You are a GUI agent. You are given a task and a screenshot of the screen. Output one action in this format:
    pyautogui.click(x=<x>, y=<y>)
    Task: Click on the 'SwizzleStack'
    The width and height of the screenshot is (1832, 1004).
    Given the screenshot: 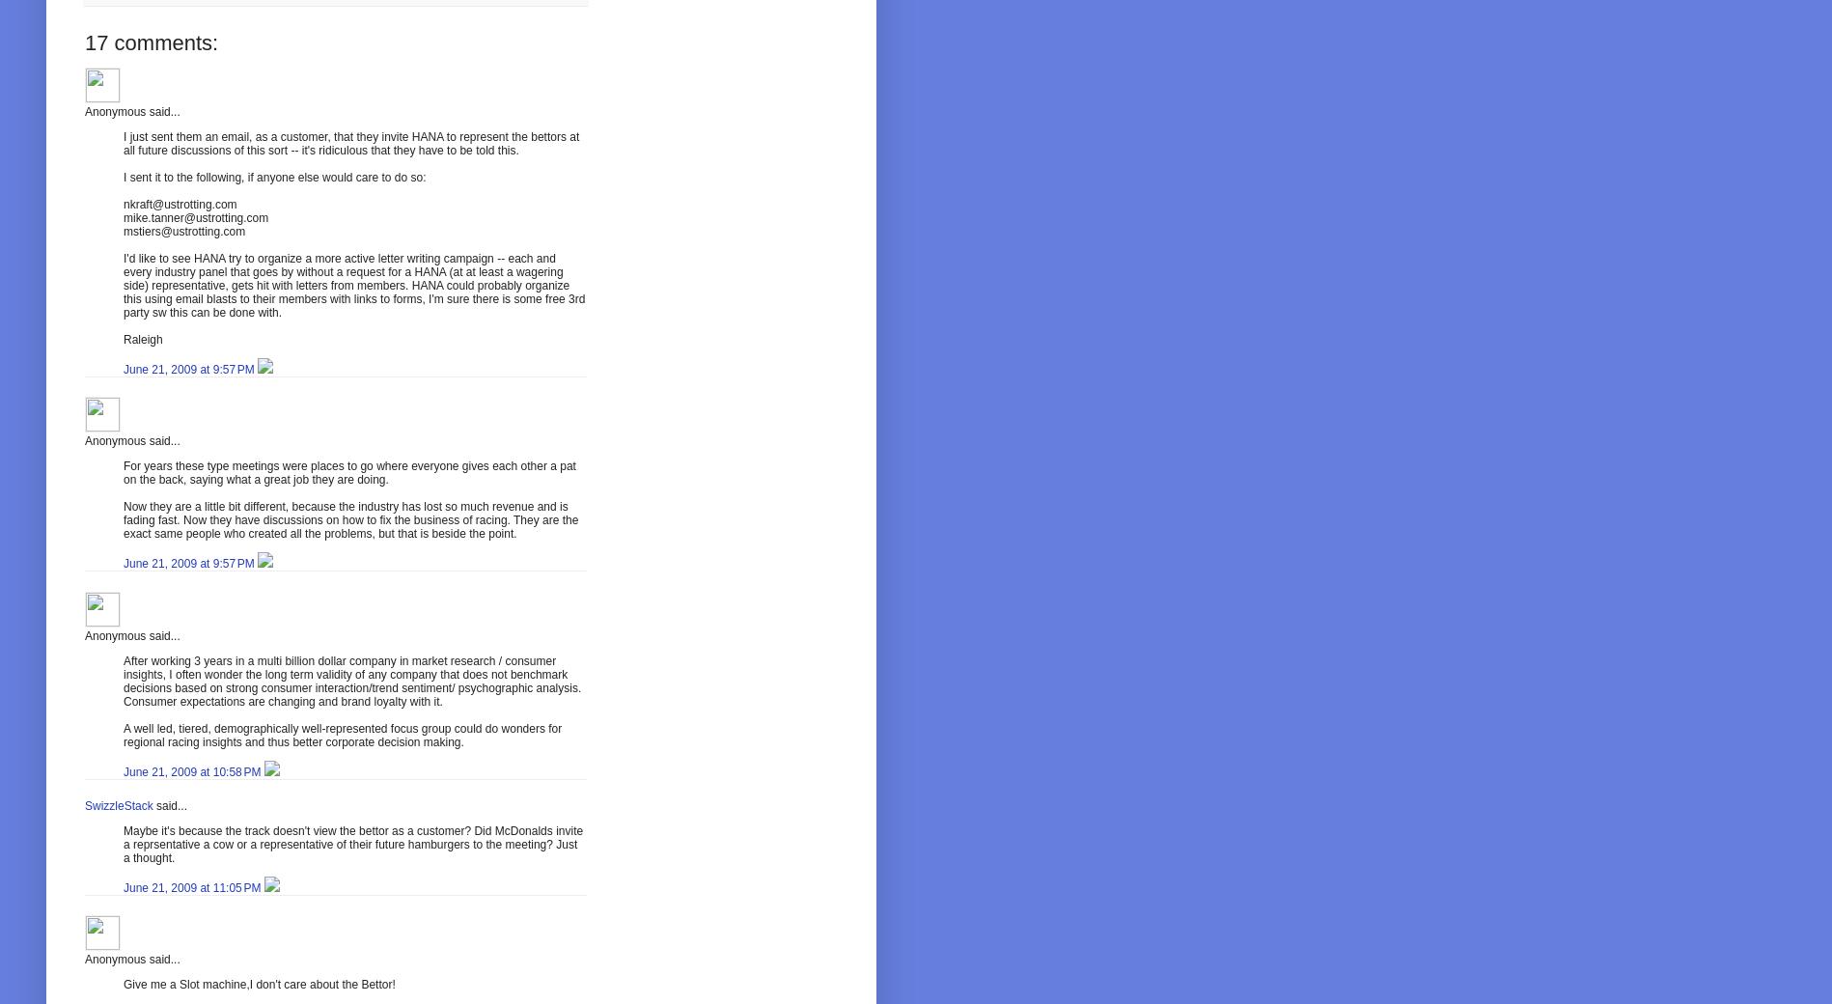 What is the action you would take?
    pyautogui.click(x=118, y=805)
    